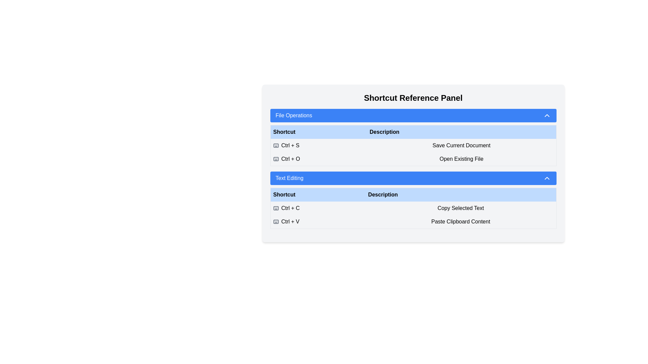 The height and width of the screenshot is (364, 648). I want to click on the text label displaying 'Open Existing File' located in the second row of the 'File Operations' section under the 'Description' column, so click(461, 159).